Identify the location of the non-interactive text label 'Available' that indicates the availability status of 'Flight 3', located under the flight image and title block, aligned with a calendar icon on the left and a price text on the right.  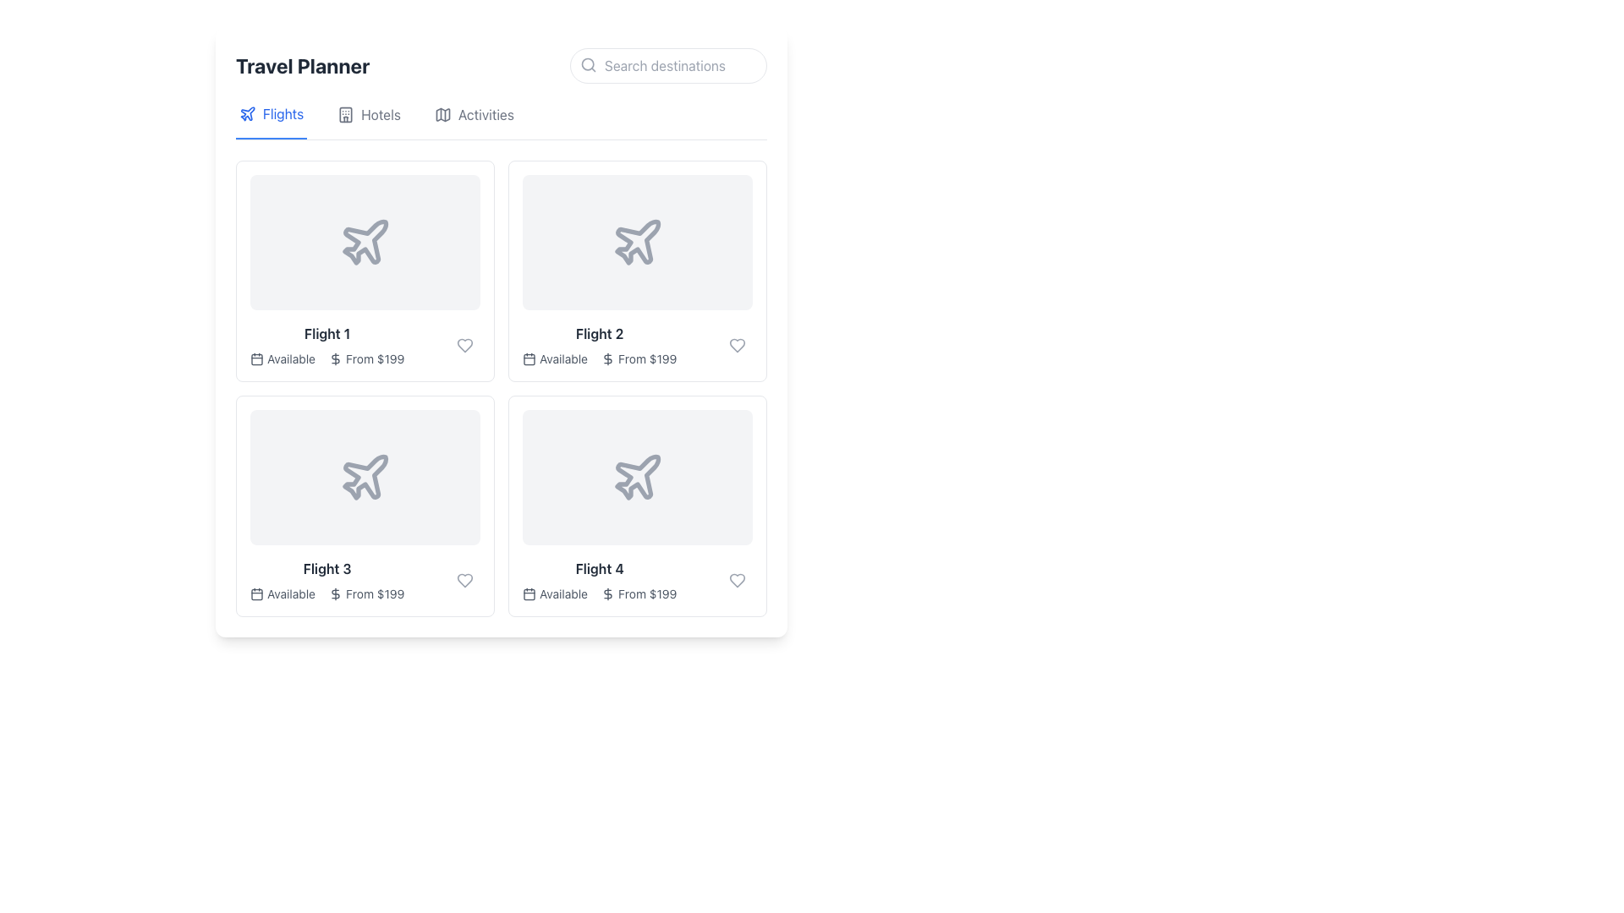
(291, 593).